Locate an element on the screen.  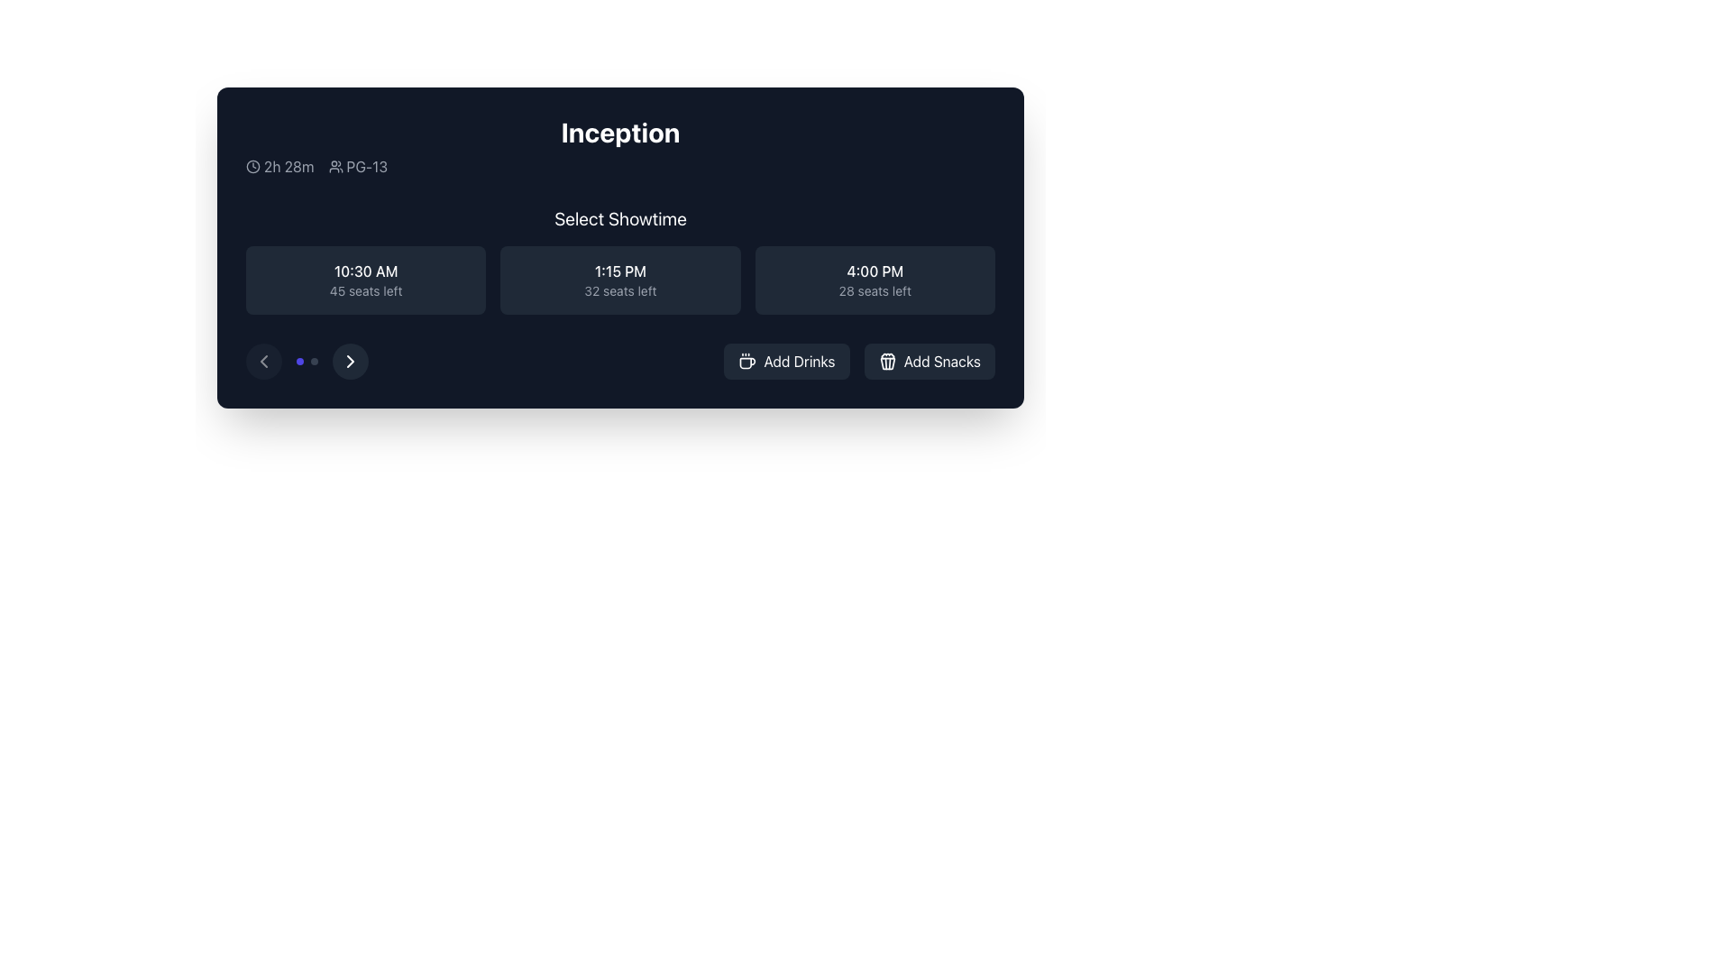
the 'Add Snacks' button, which has a dark background and white text, located in the lower right section of the modal containing showtime options is located at coordinates (941, 362).